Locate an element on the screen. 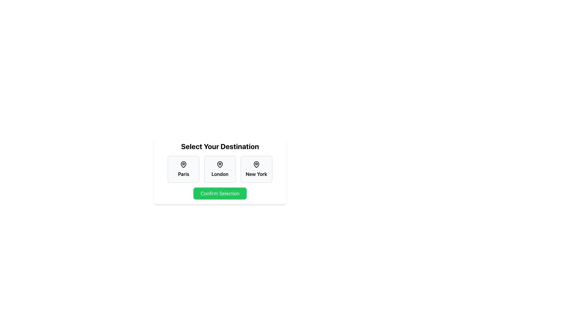  the map pin icon that signifies the location for the 'London' option in the destination selection interface, positioned above the text component displaying 'London' is located at coordinates (219, 164).